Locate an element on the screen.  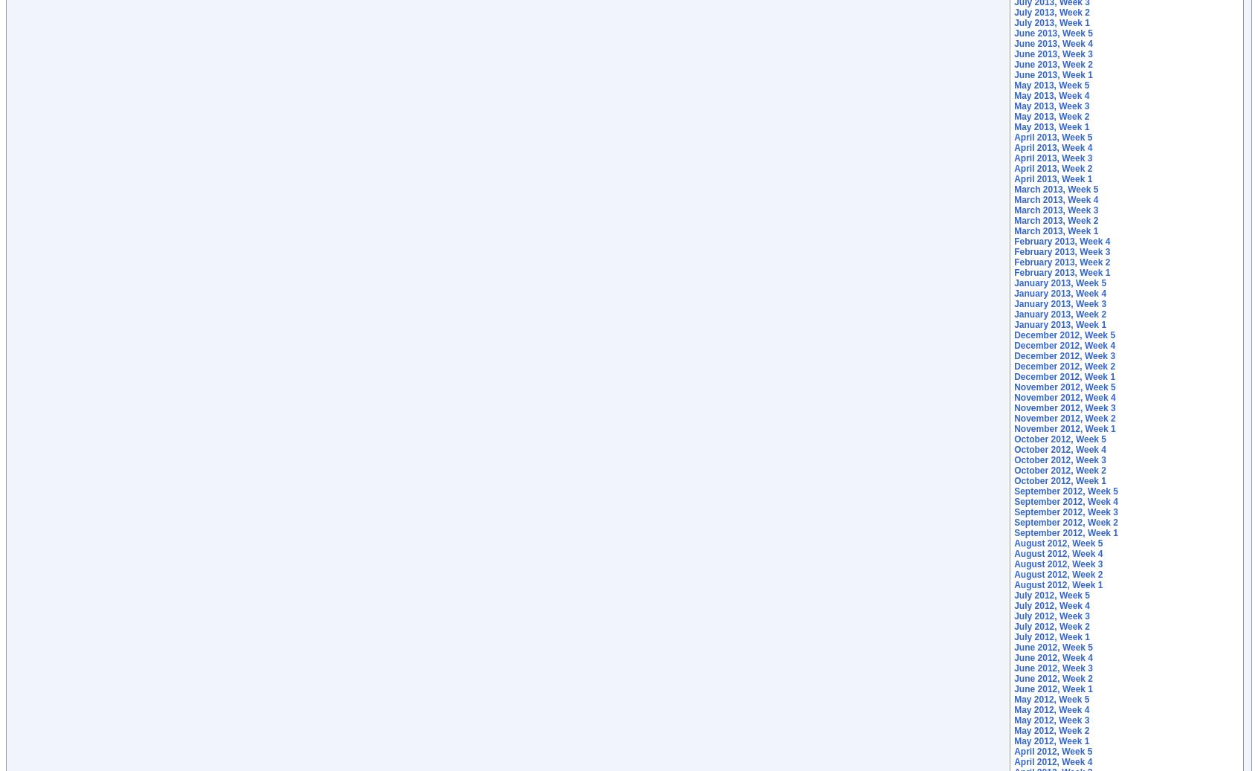
'January 2013, Week 2' is located at coordinates (1059, 313).